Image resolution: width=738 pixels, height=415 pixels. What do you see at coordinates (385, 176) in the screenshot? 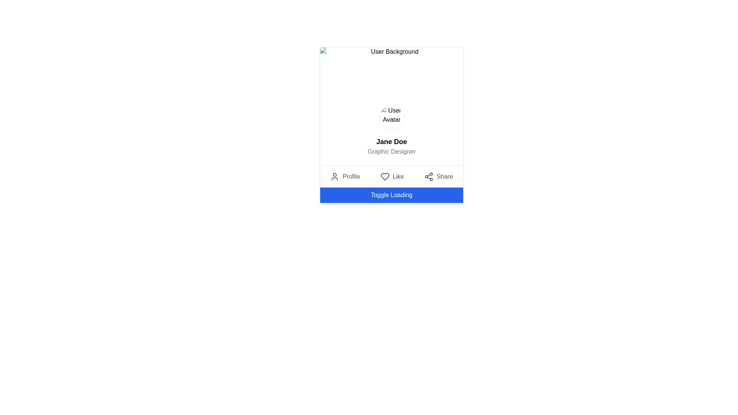
I see `the heart-shaped icon outlined in the navigation bar of the user card interface` at bounding box center [385, 176].